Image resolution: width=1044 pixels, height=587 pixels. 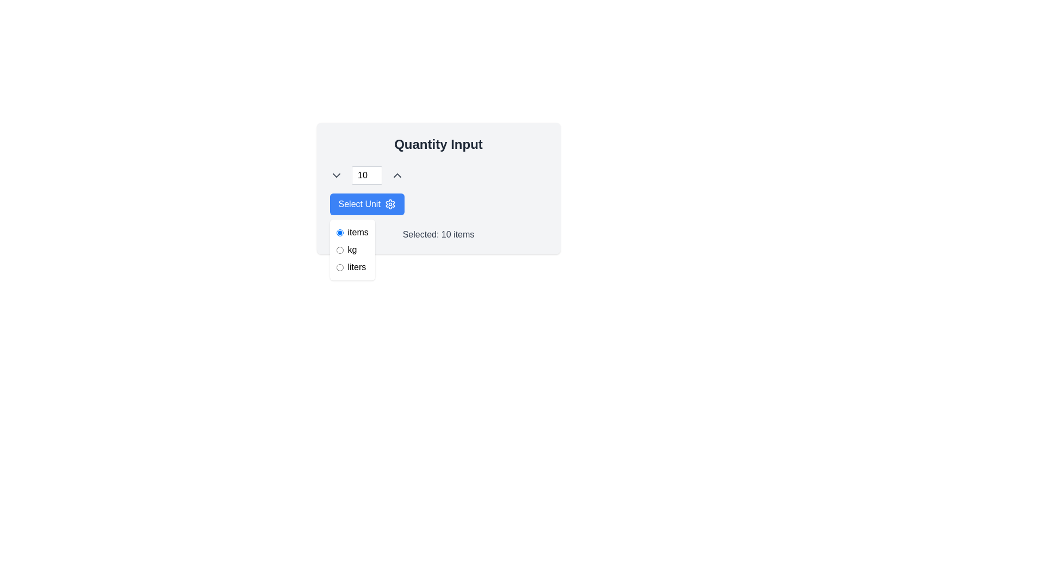 What do you see at coordinates (358, 232) in the screenshot?
I see `the text label reading 'items' which is positioned to the right of the radio button in the dropdown menu for selecting units` at bounding box center [358, 232].